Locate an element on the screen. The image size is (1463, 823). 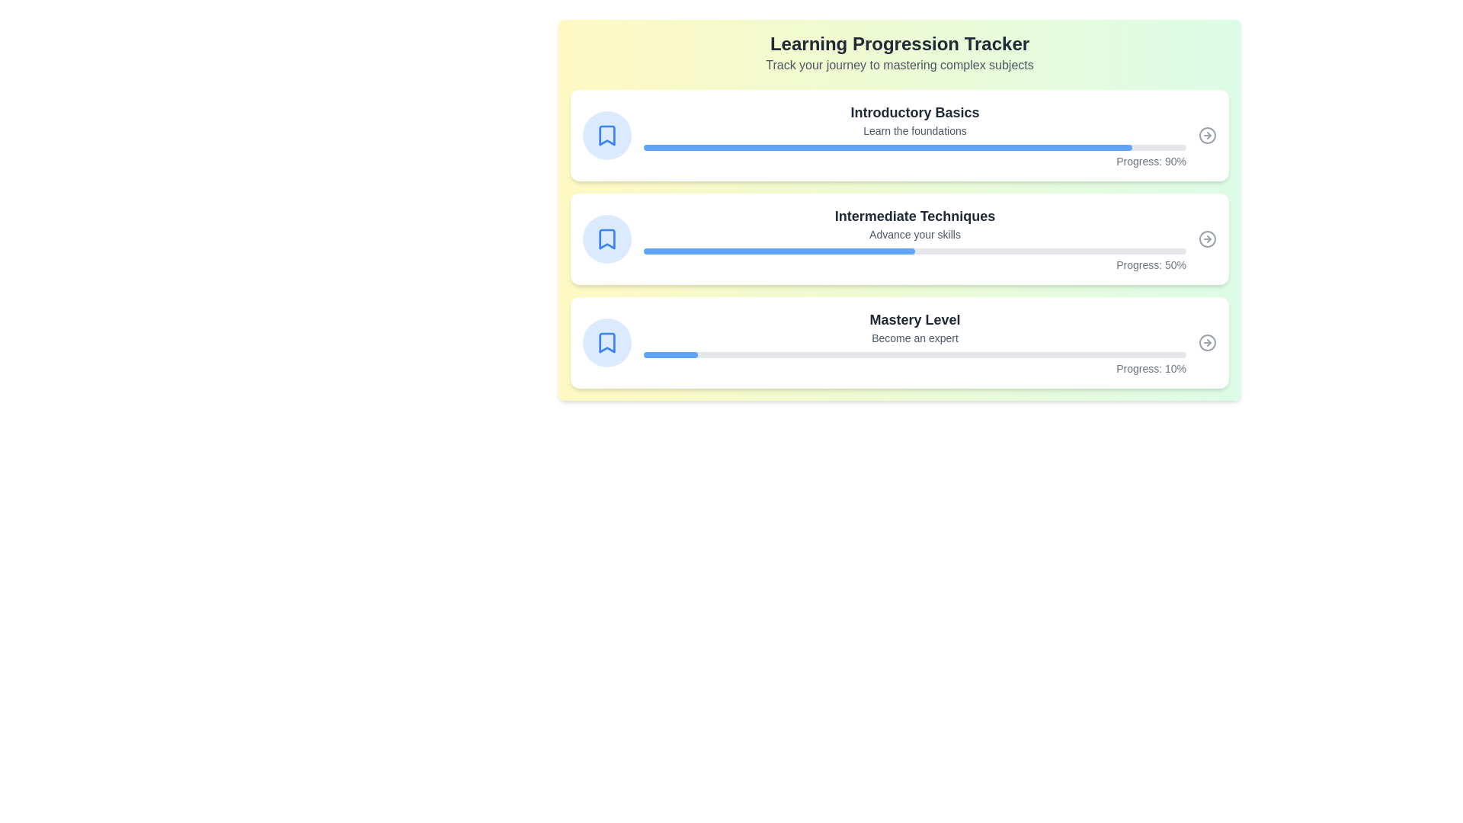
text label that says 'Learn the foundations', which is styled with a smaller font size and light gray color, located below the 'Introductory Basics' title is located at coordinates (914, 130).